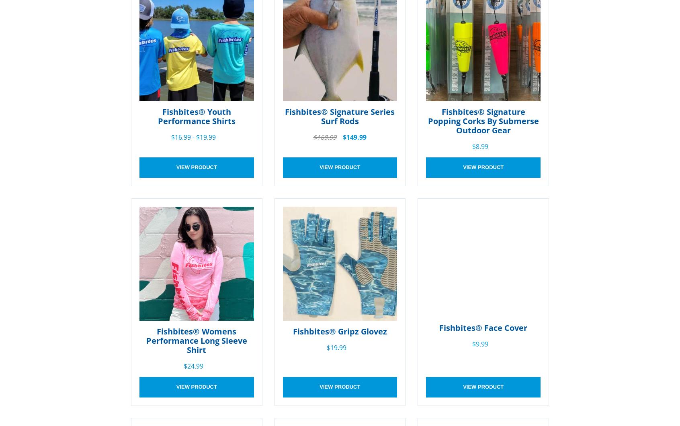 Image resolution: width=680 pixels, height=426 pixels. What do you see at coordinates (340, 116) in the screenshot?
I see `'Fishbites® Signature Series Surf Rods'` at bounding box center [340, 116].